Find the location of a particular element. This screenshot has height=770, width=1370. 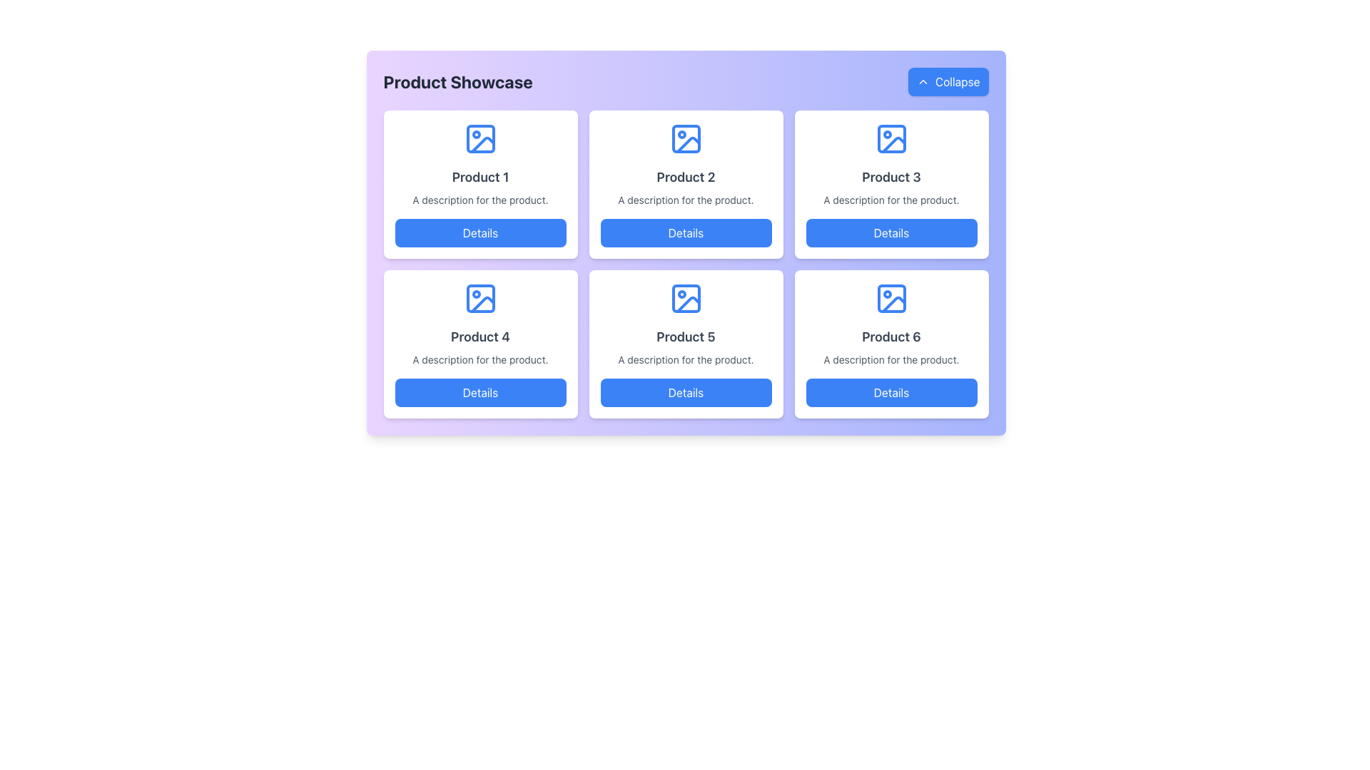

the Text Label that serves as a header in the component is located at coordinates (458, 82).